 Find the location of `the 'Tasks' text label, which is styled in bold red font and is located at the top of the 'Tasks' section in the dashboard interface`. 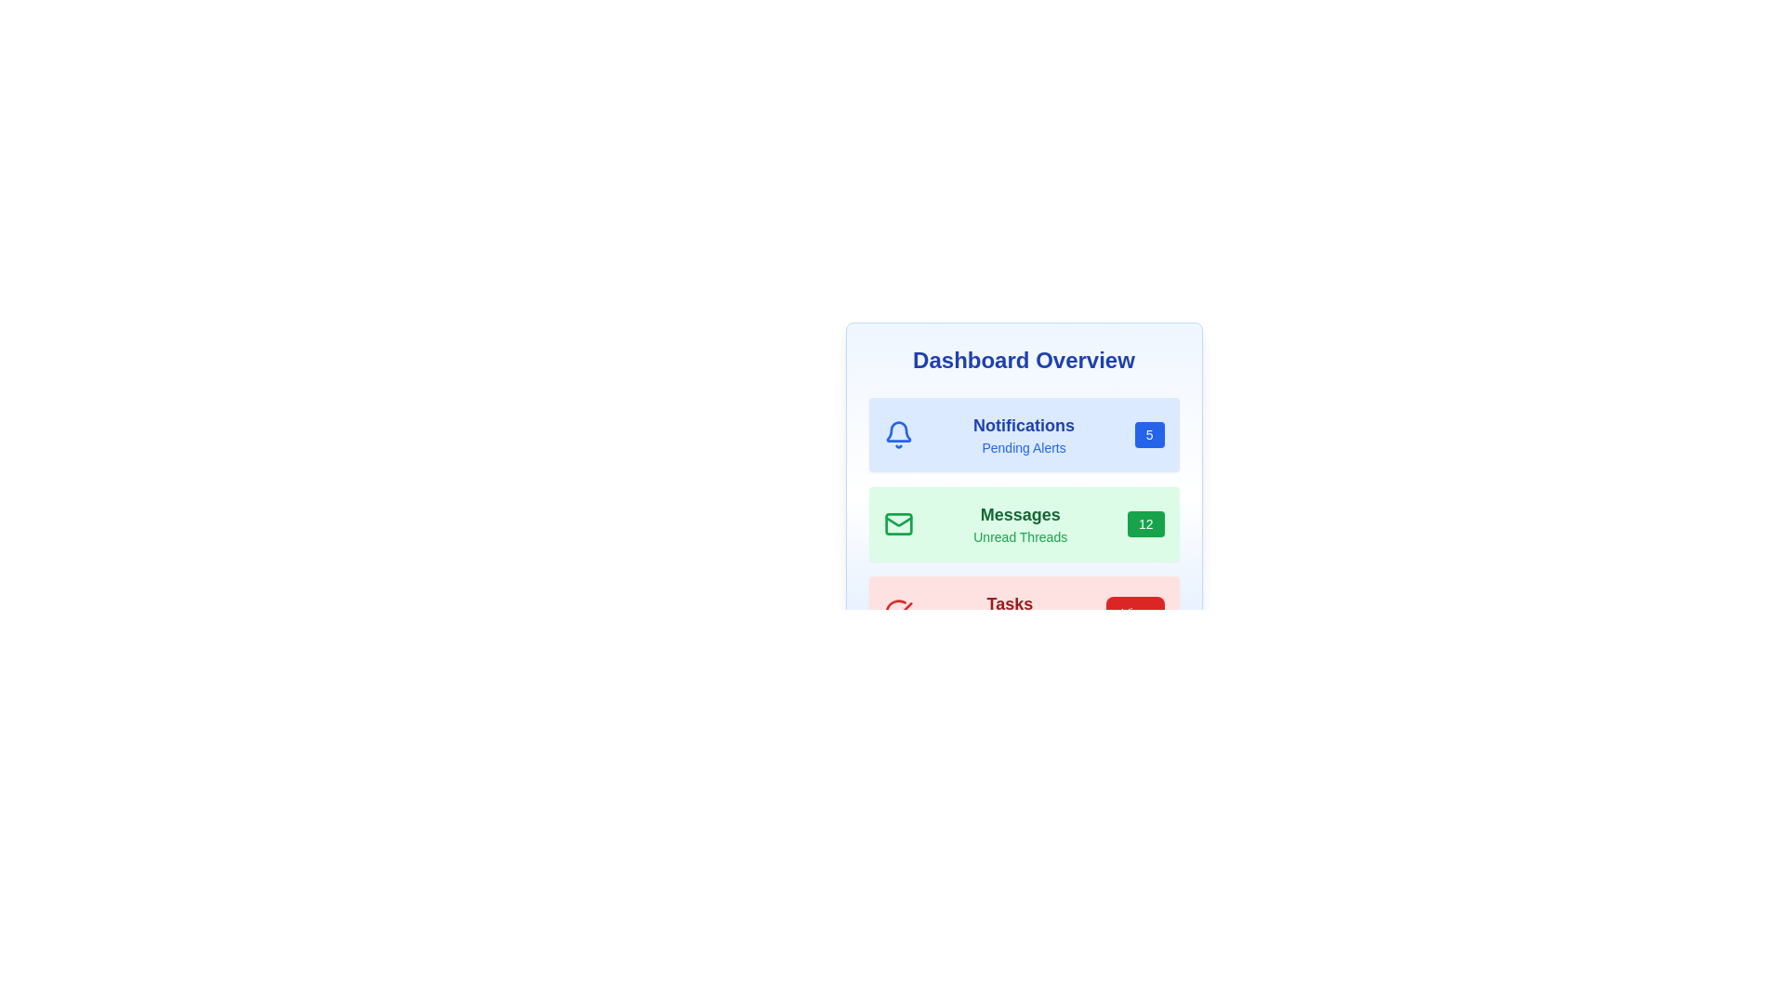

the 'Tasks' text label, which is styled in bold red font and is located at the top of the 'Tasks' section in the dashboard interface is located at coordinates (1009, 604).